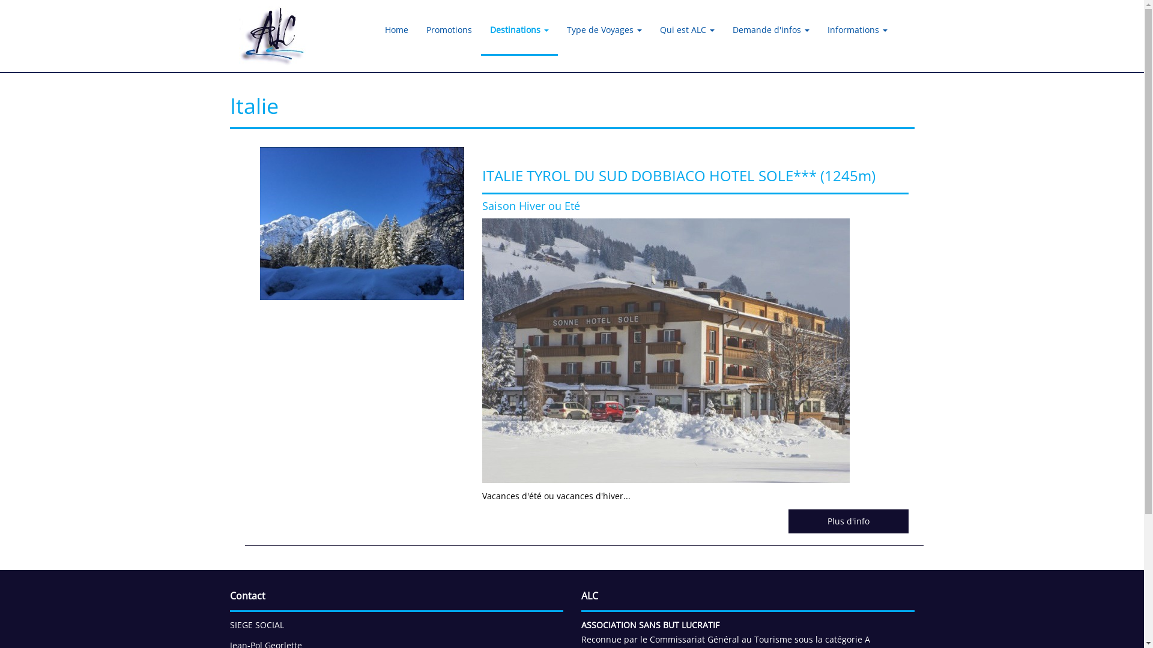  What do you see at coordinates (847, 520) in the screenshot?
I see `'Plus d'info'` at bounding box center [847, 520].